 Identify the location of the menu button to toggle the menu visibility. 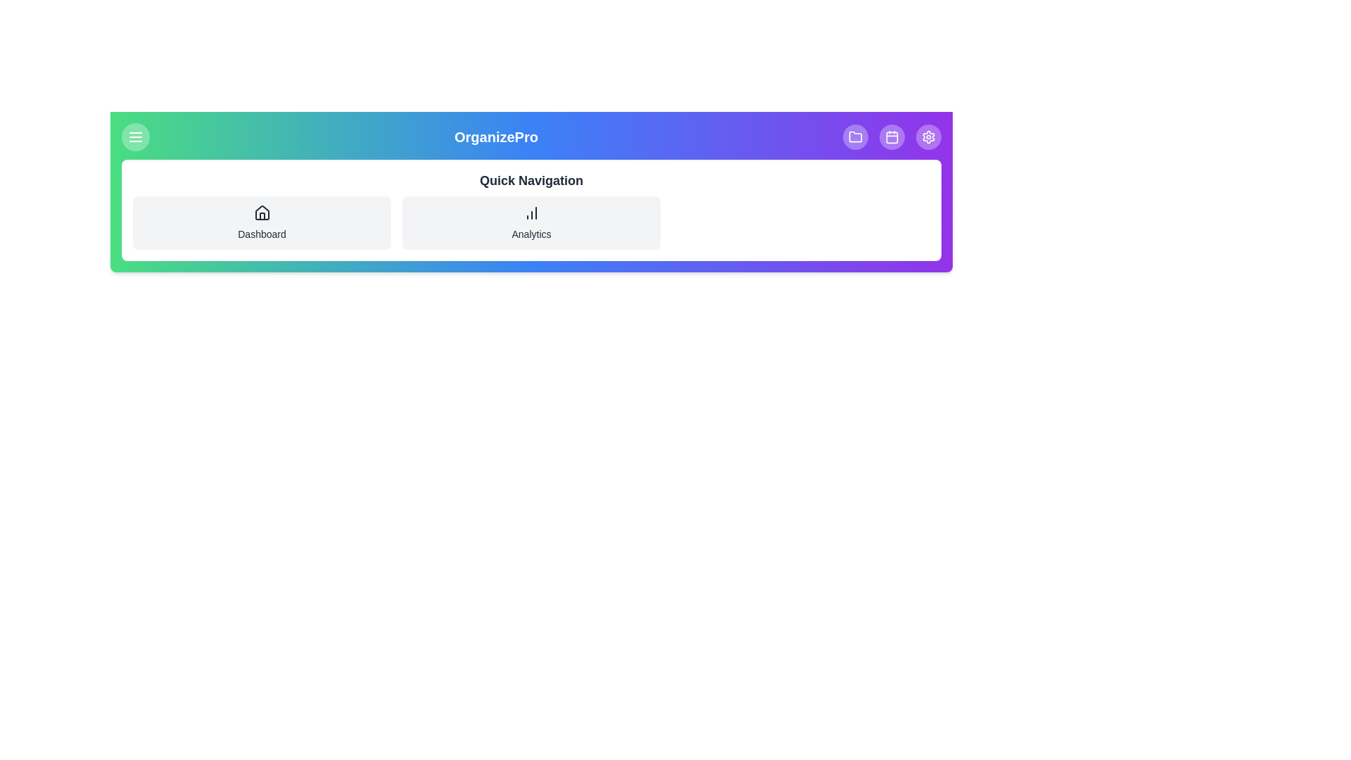
(135, 137).